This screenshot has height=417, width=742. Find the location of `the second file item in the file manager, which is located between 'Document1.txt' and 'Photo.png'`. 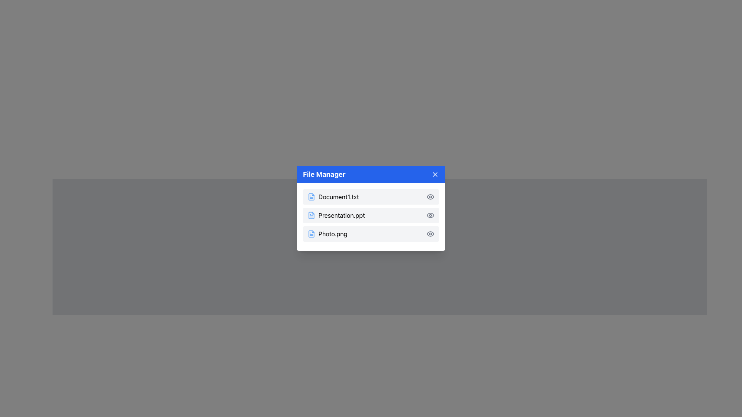

the second file item in the file manager, which is located between 'Document1.txt' and 'Photo.png' is located at coordinates (371, 217).